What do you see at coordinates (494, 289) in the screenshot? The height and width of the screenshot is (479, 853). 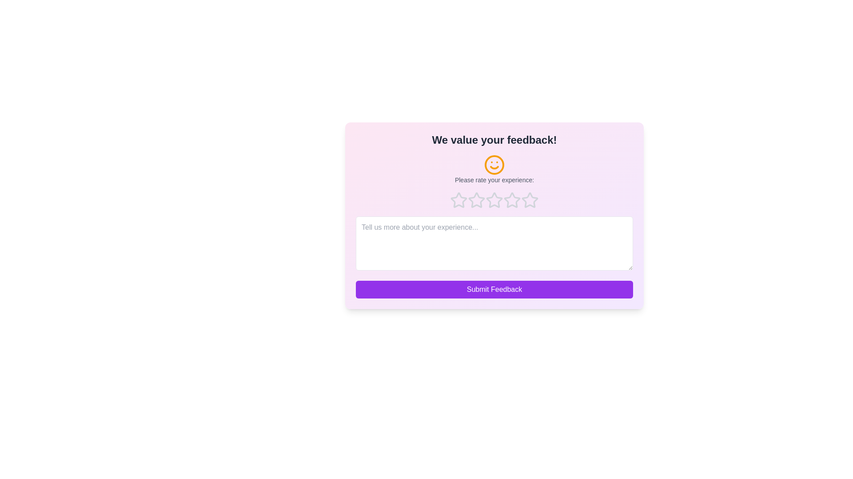 I see `the feedback submission button located at the bottom of the feedback form to observe the color change` at bounding box center [494, 289].